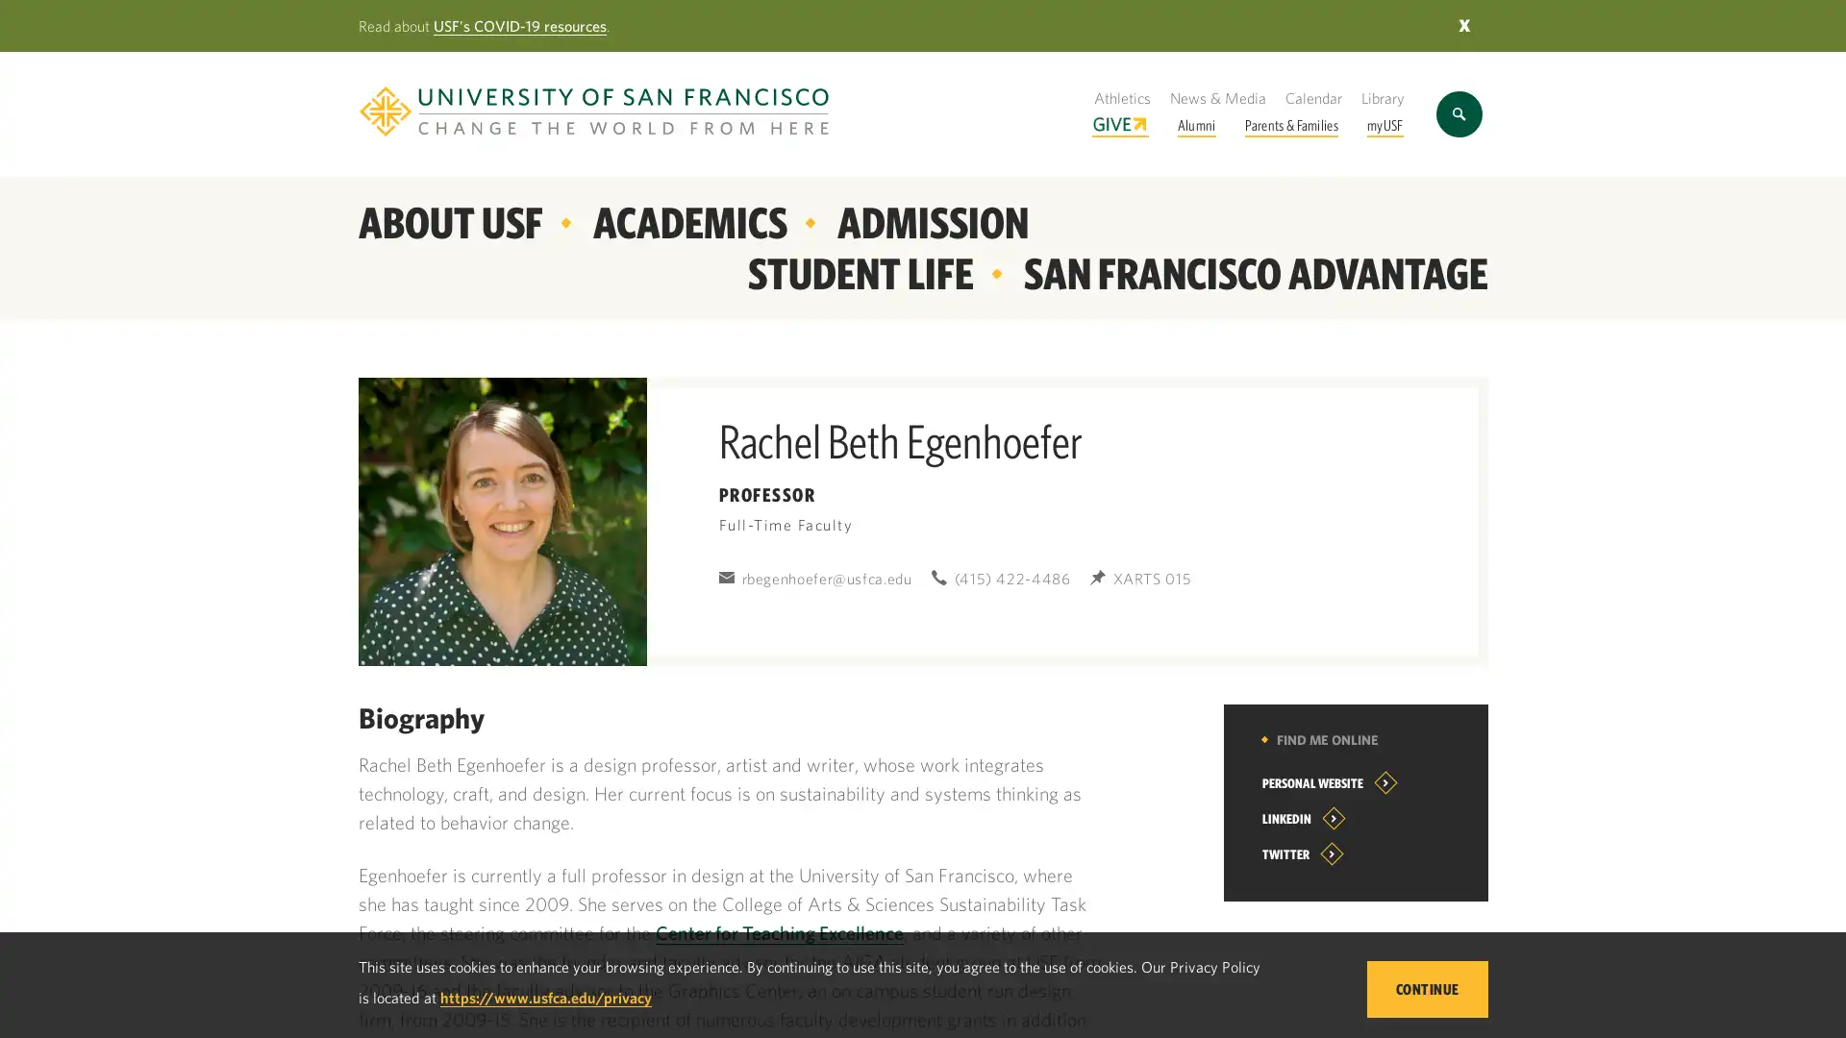 The height and width of the screenshot is (1038, 1846). Describe the element at coordinates (1458, 114) in the screenshot. I see `Site Search` at that location.